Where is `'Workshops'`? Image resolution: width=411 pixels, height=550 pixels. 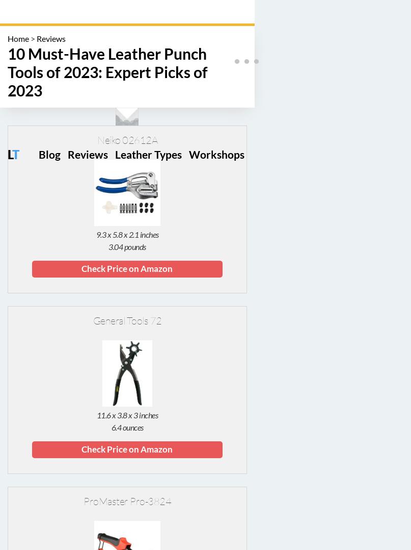
'Workshops' is located at coordinates (216, 154).